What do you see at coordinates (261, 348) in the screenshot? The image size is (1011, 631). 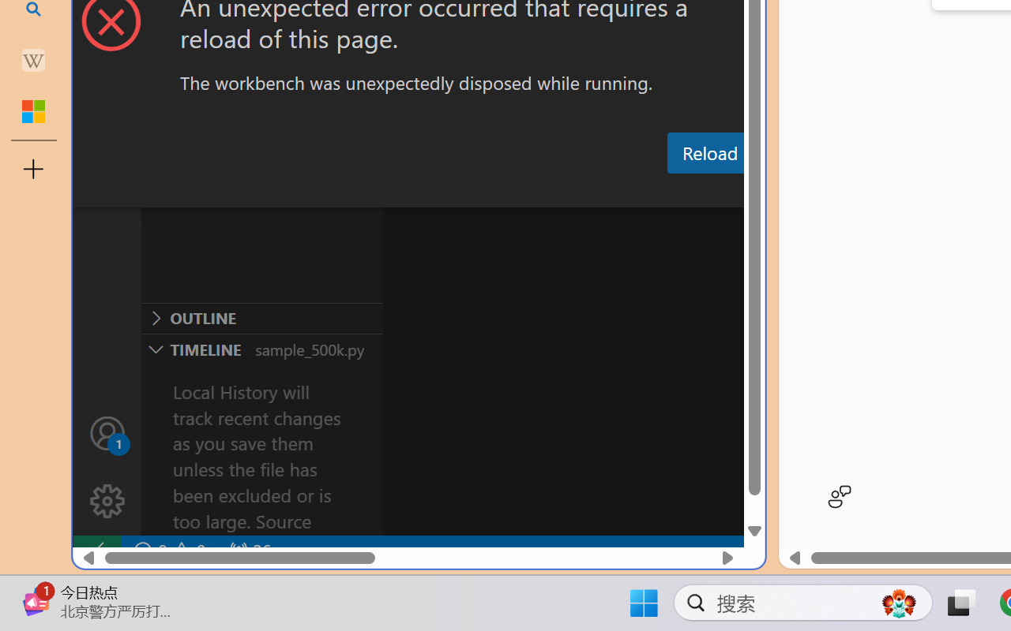 I see `'Timeline Section'` at bounding box center [261, 348].